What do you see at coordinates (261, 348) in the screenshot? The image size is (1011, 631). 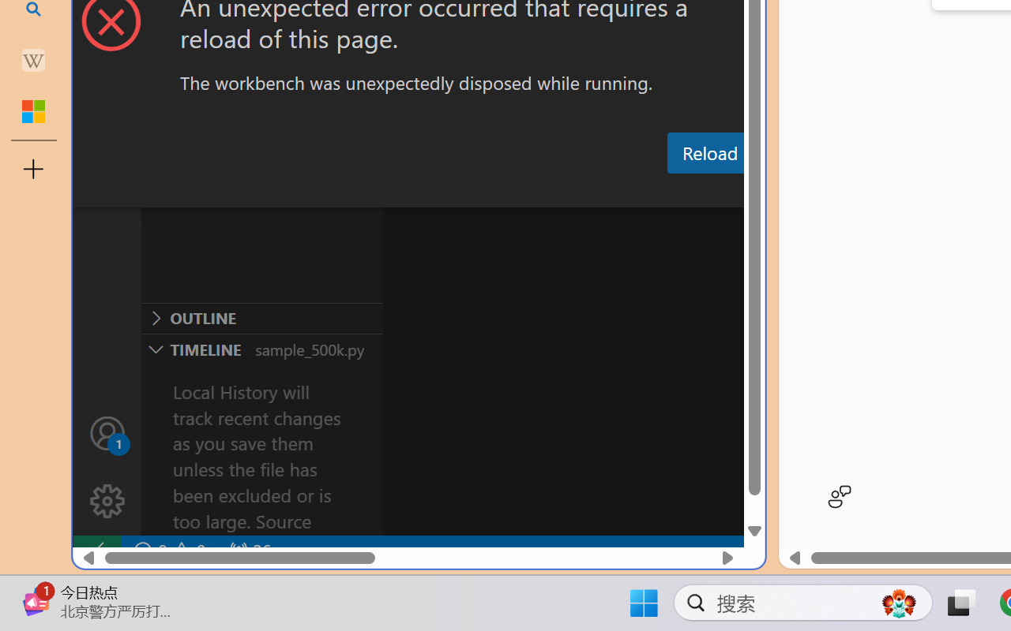 I see `'Timeline Section'` at bounding box center [261, 348].